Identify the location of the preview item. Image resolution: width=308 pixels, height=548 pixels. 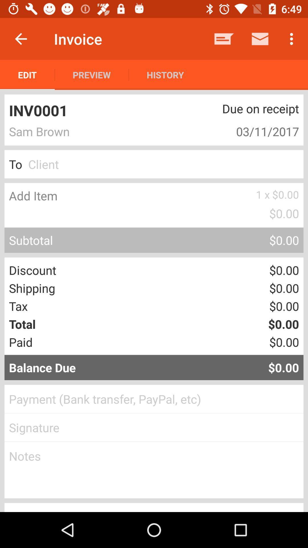
(91, 74).